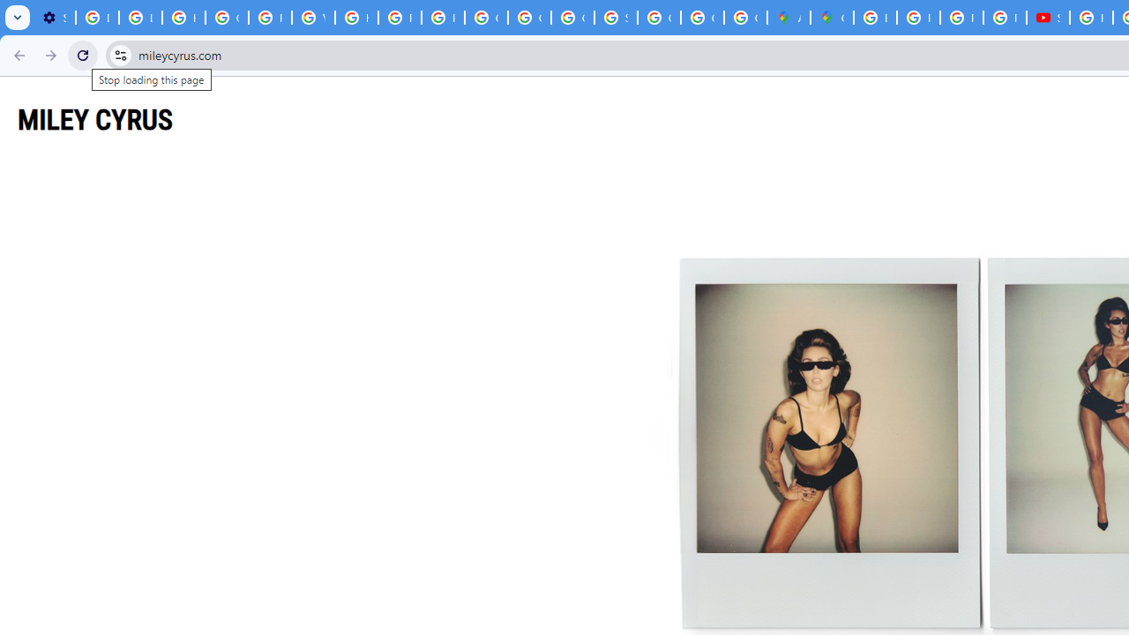 This screenshot has width=1129, height=635. Describe the element at coordinates (96, 18) in the screenshot. I see `'Delete photos & videos - Computer - Google Photos Help'` at that location.